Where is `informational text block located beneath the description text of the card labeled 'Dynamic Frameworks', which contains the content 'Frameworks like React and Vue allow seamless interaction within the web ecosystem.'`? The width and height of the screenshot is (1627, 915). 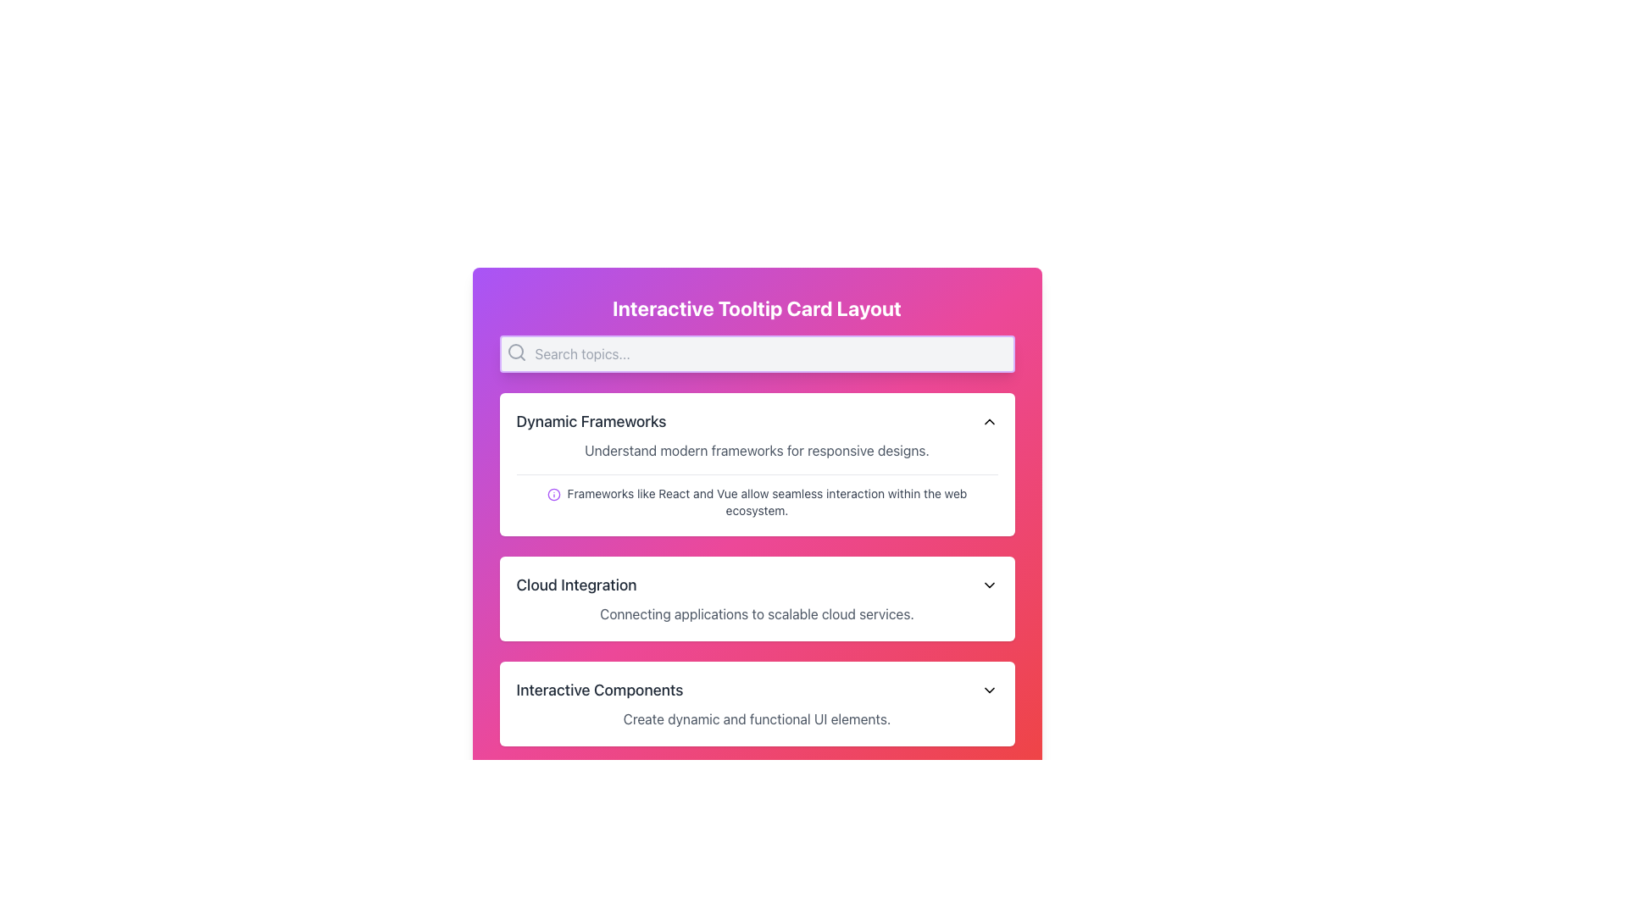 informational text block located beneath the description text of the card labeled 'Dynamic Frameworks', which contains the content 'Frameworks like React and Vue allow seamless interaction within the web ecosystem.' is located at coordinates (756, 496).